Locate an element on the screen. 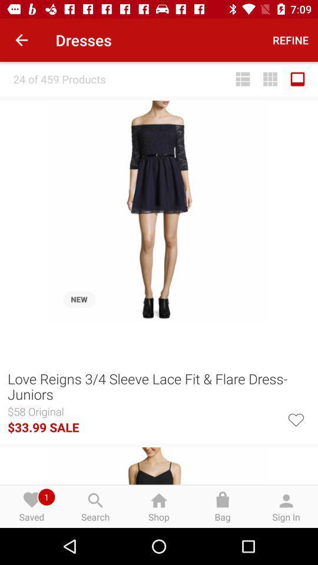 This screenshot has height=565, width=318. the icon next to dresses item is located at coordinates (21, 40).